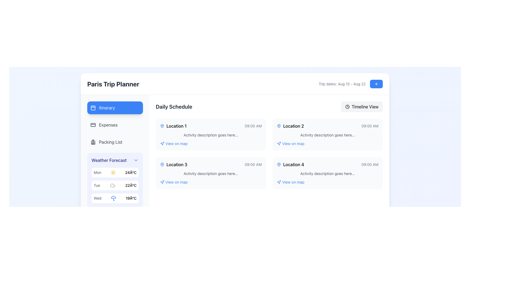 The image size is (514, 289). I want to click on the decorative icon located next to the 'View on map' text link in the daily schedule section, associated with 'Location 1' and 'Location 3', so click(162, 182).